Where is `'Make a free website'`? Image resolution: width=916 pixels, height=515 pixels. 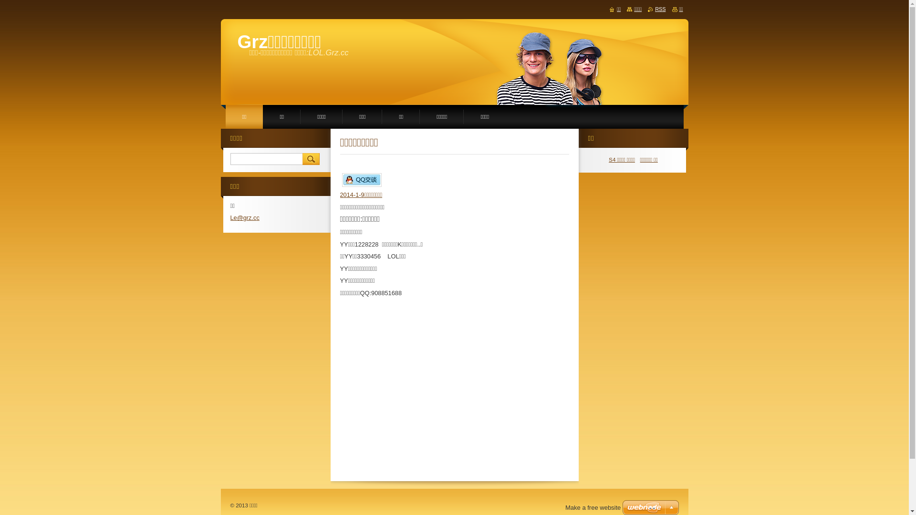
'Make a free website' is located at coordinates (593, 507).